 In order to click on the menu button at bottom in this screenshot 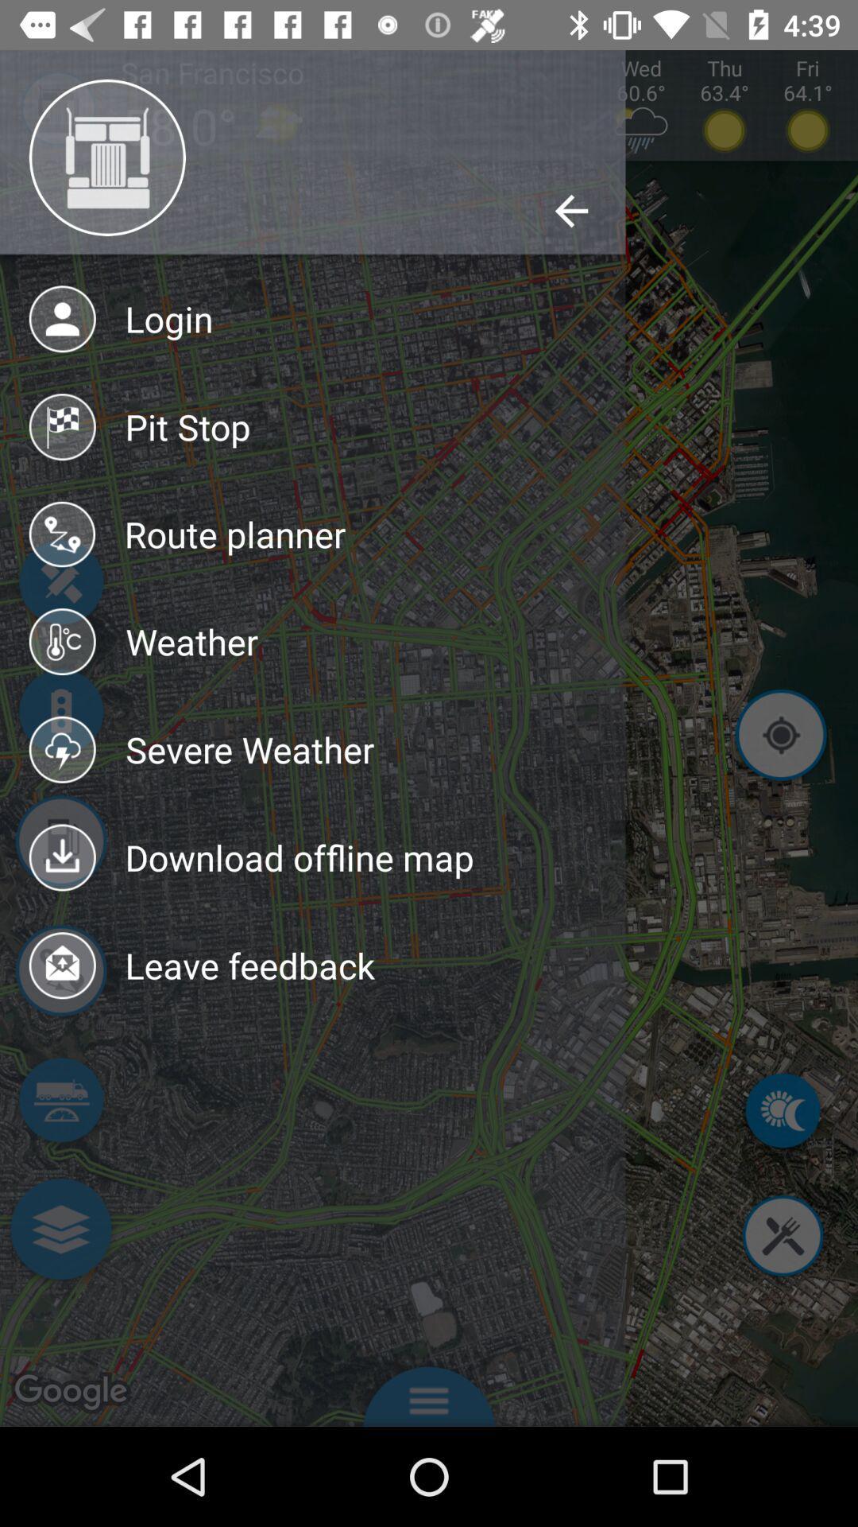, I will do `click(429, 1391)`.